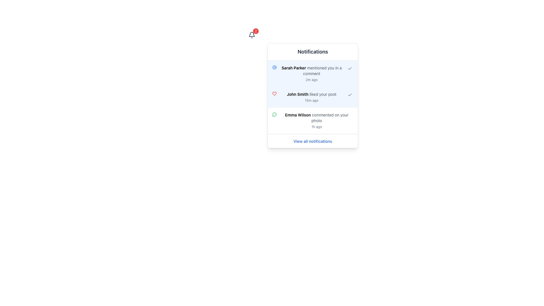 This screenshot has height=306, width=544. I want to click on the text label displaying 'John Smith' within the second notification in the notifications panel, so click(297, 94).